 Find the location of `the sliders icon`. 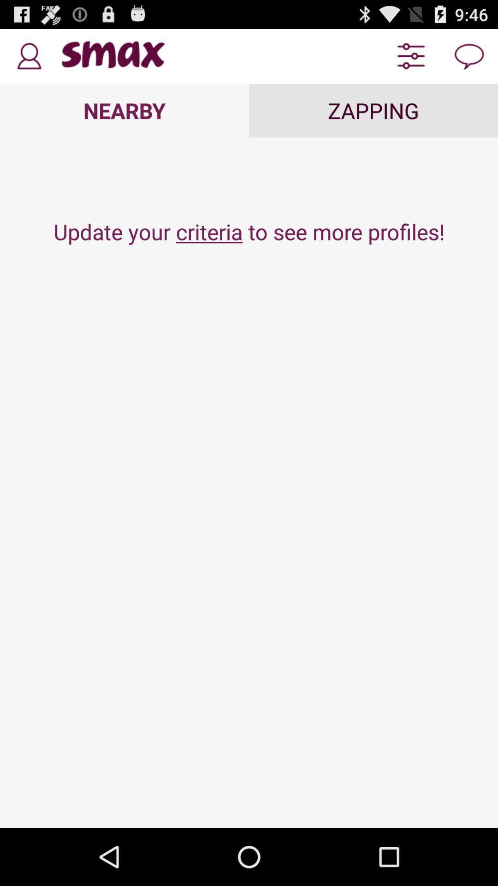

the sliders icon is located at coordinates (410, 60).